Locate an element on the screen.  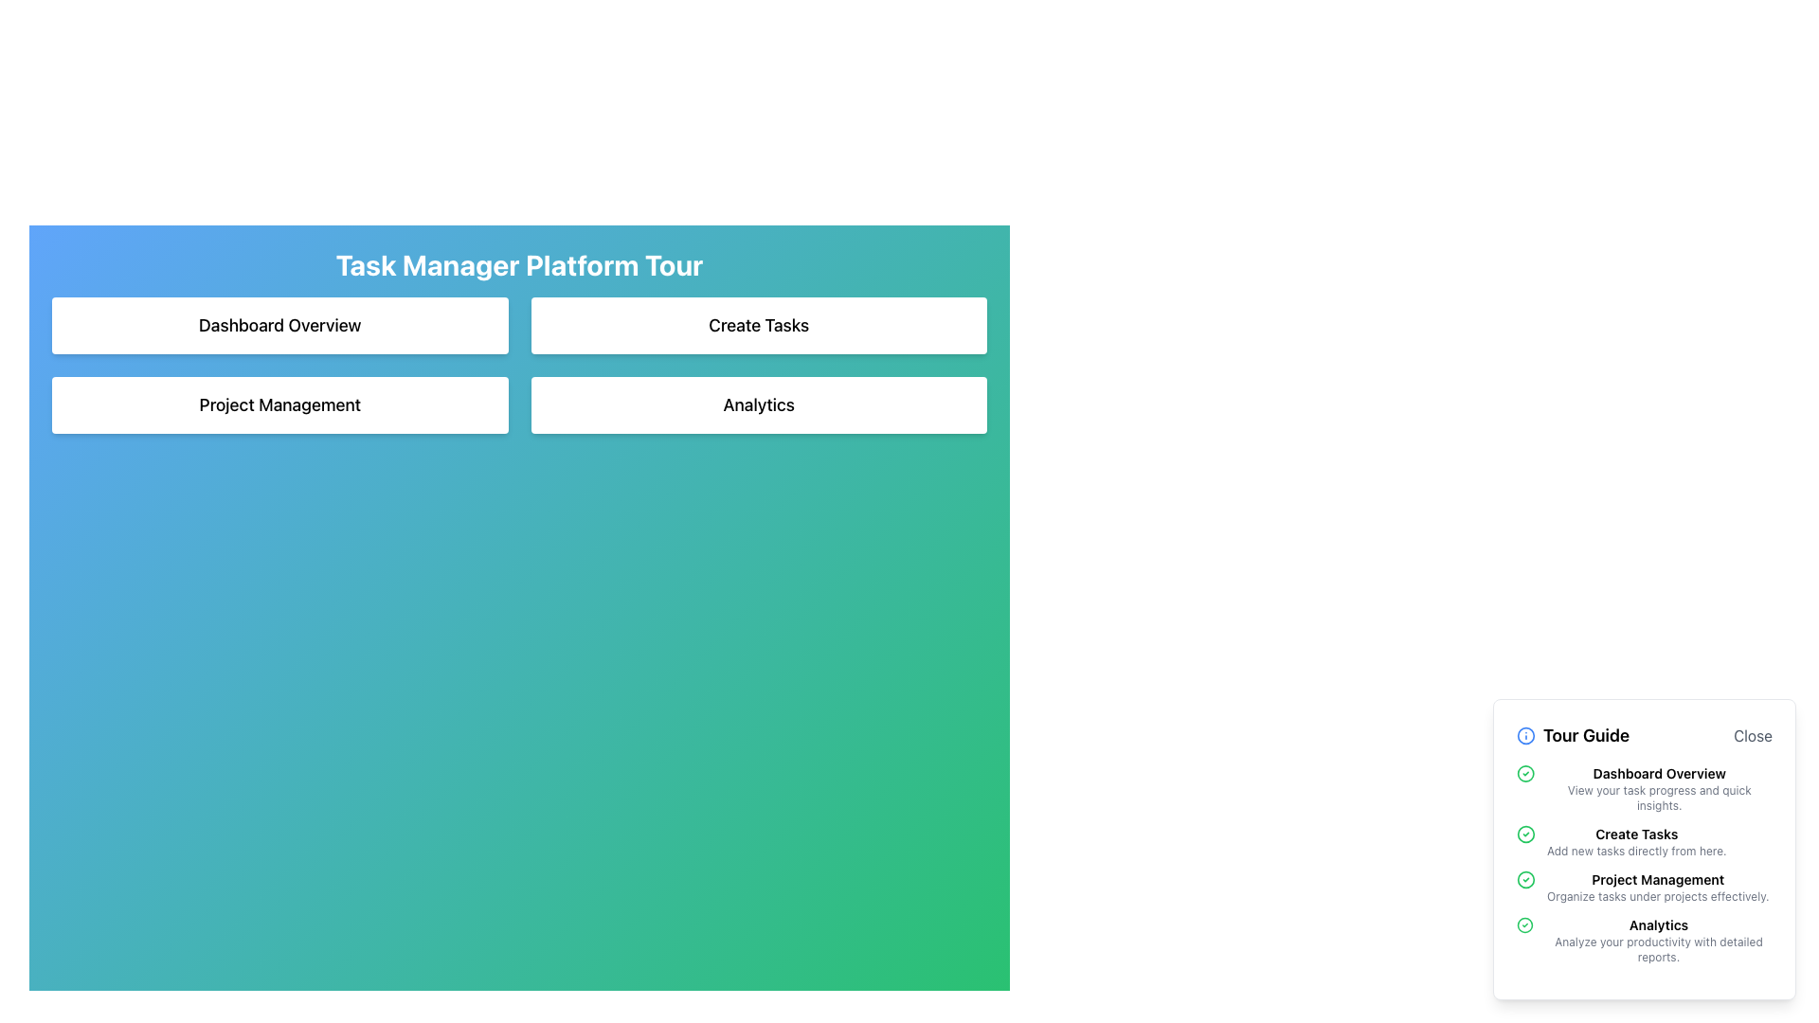
the 'Create Tasks' button, which is a white rectangular button with rounded corners and bold black text is located at coordinates (759, 324).